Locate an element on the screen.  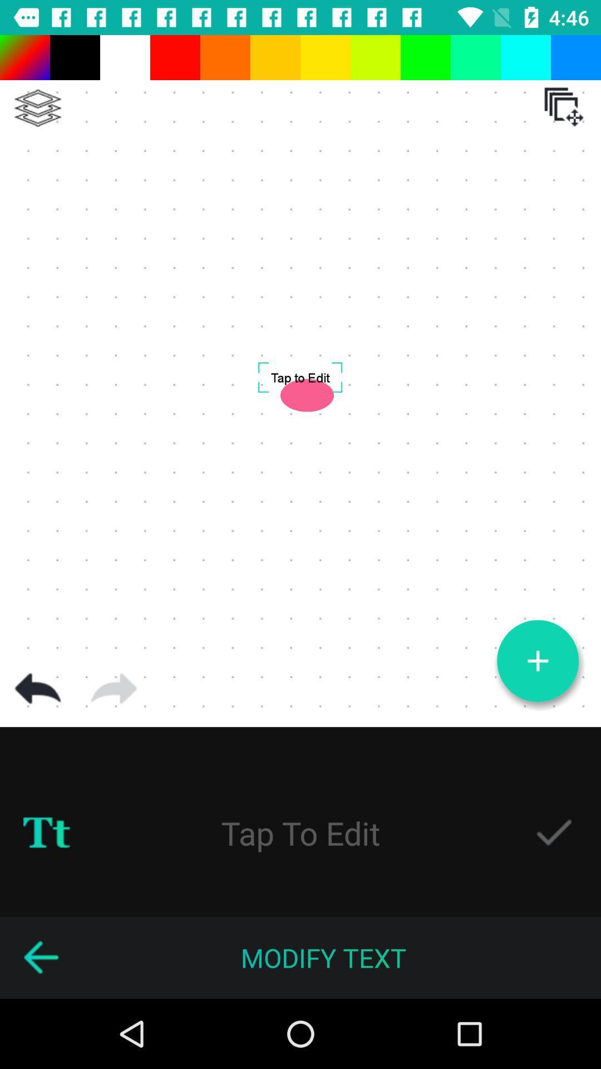
the undo icon is located at coordinates (37, 688).